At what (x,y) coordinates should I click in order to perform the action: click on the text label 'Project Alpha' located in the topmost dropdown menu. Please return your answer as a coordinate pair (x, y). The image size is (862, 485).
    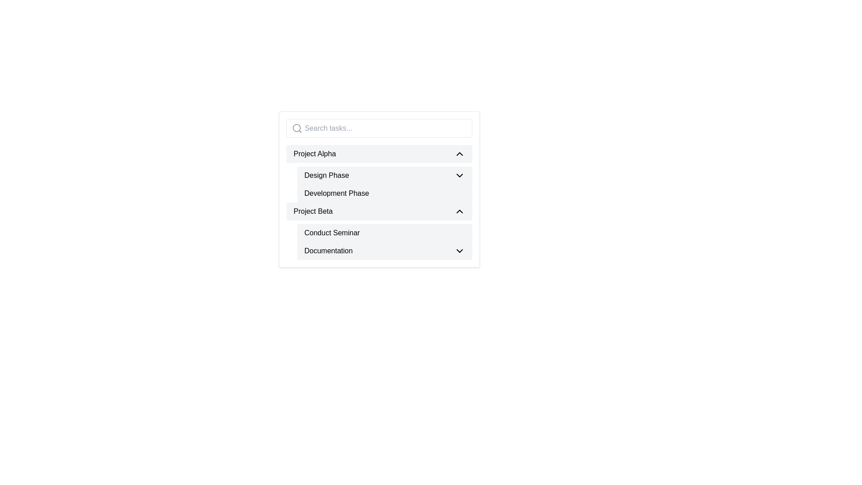
    Looking at the image, I should click on (315, 154).